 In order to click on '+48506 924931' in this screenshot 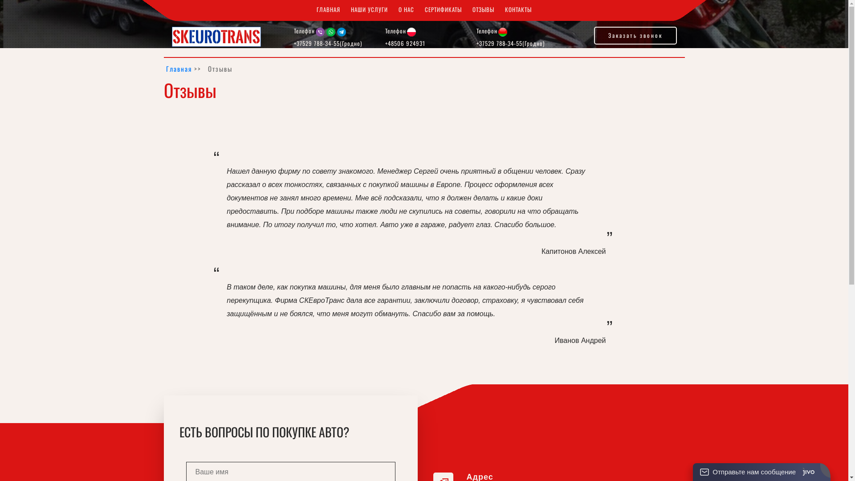, I will do `click(405, 43)`.